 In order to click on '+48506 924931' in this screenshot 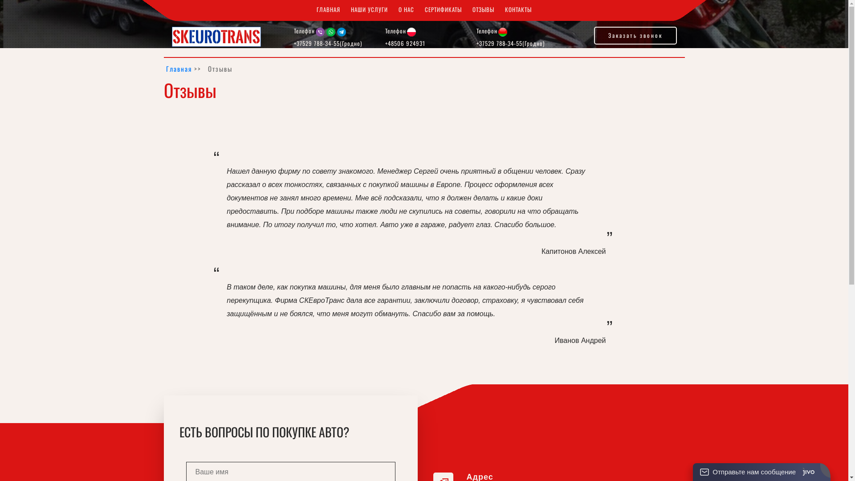, I will do `click(405, 43)`.